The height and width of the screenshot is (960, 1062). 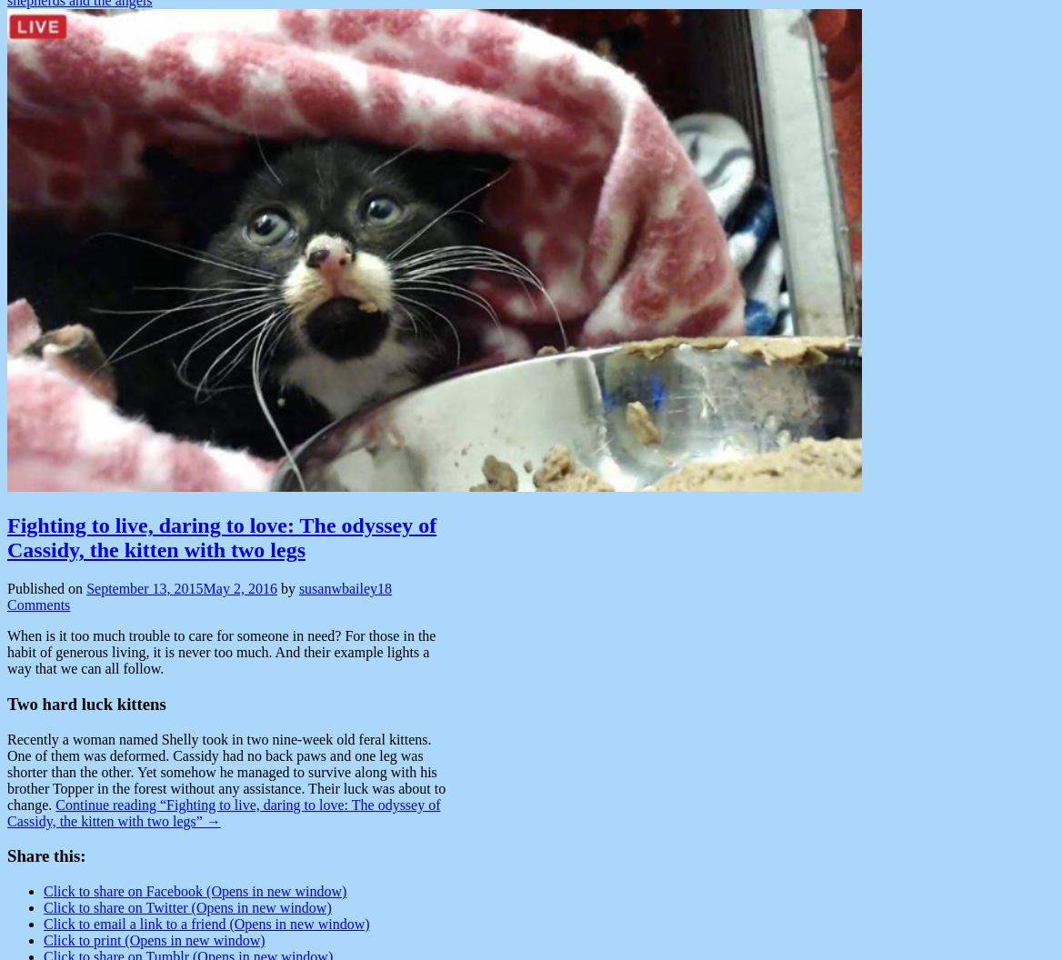 What do you see at coordinates (144, 587) in the screenshot?
I see `'September 13, 2015'` at bounding box center [144, 587].